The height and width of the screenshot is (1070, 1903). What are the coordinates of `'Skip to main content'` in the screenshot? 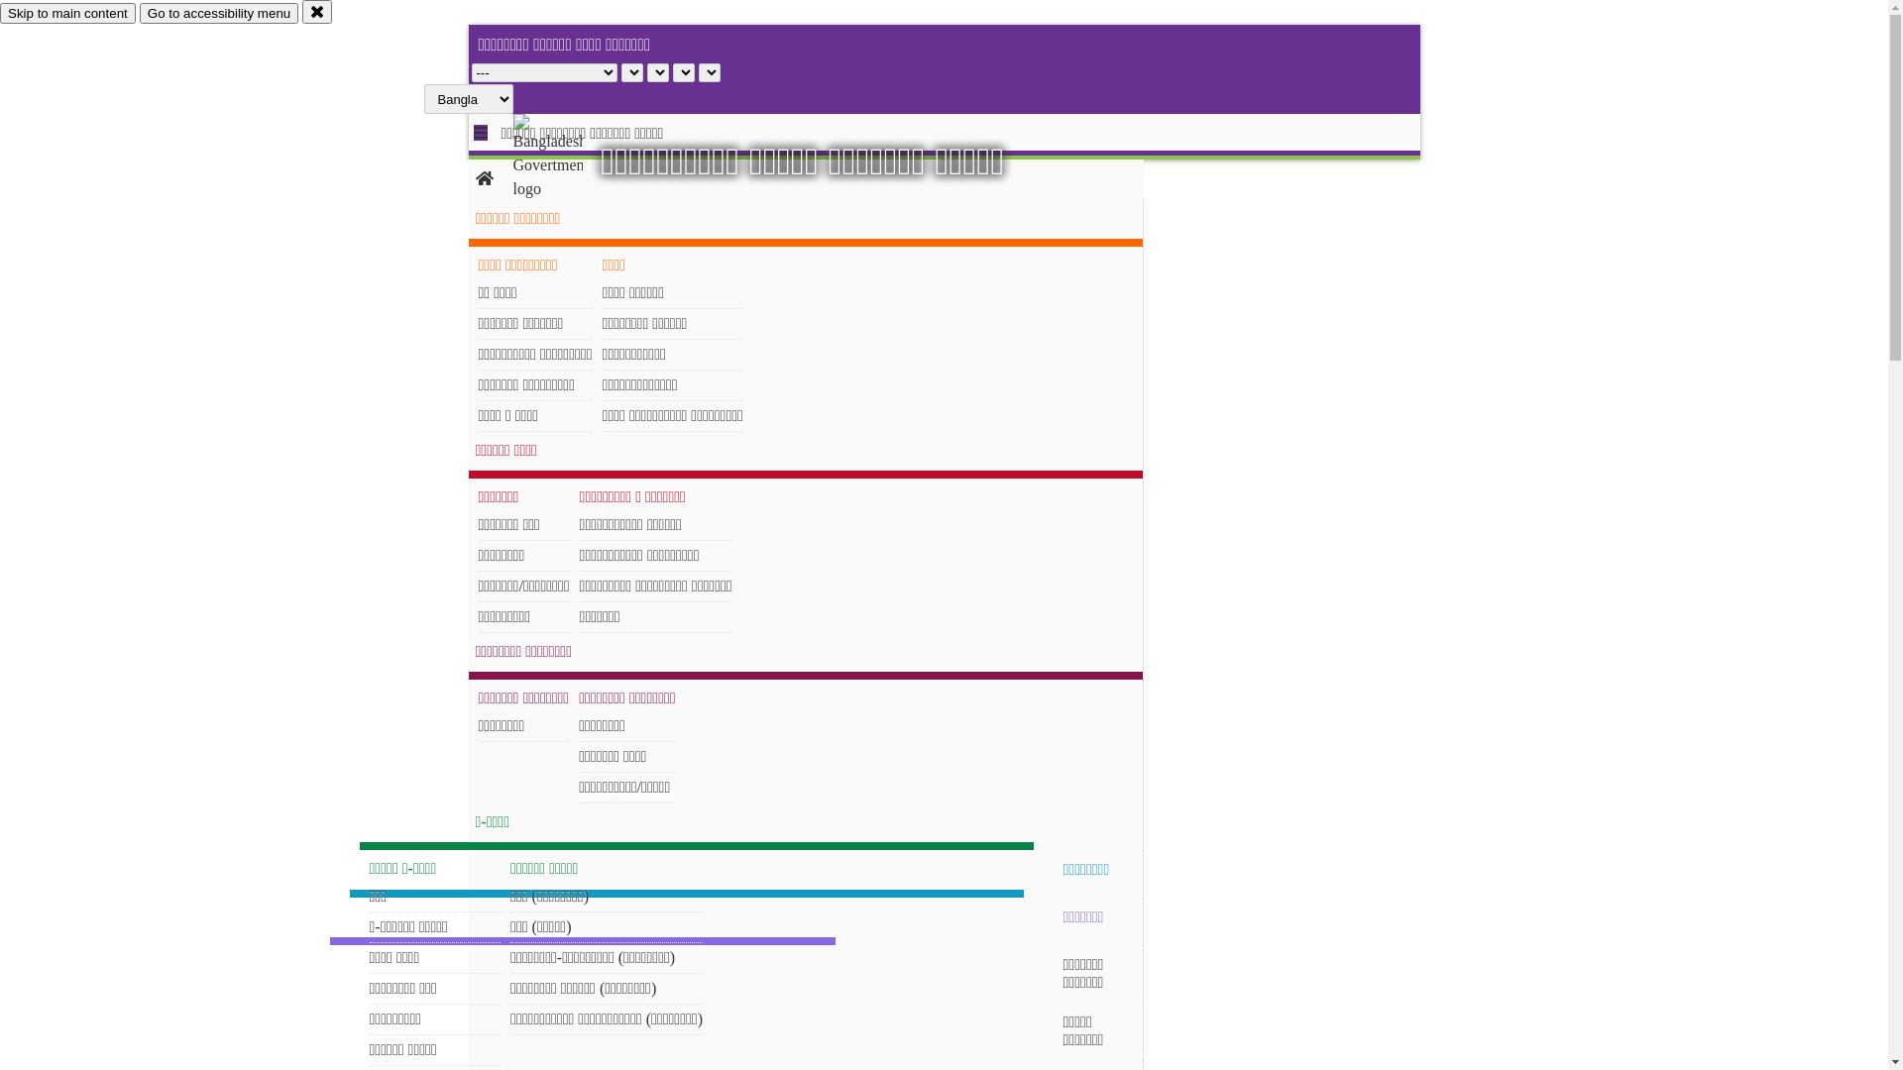 It's located at (67, 13).